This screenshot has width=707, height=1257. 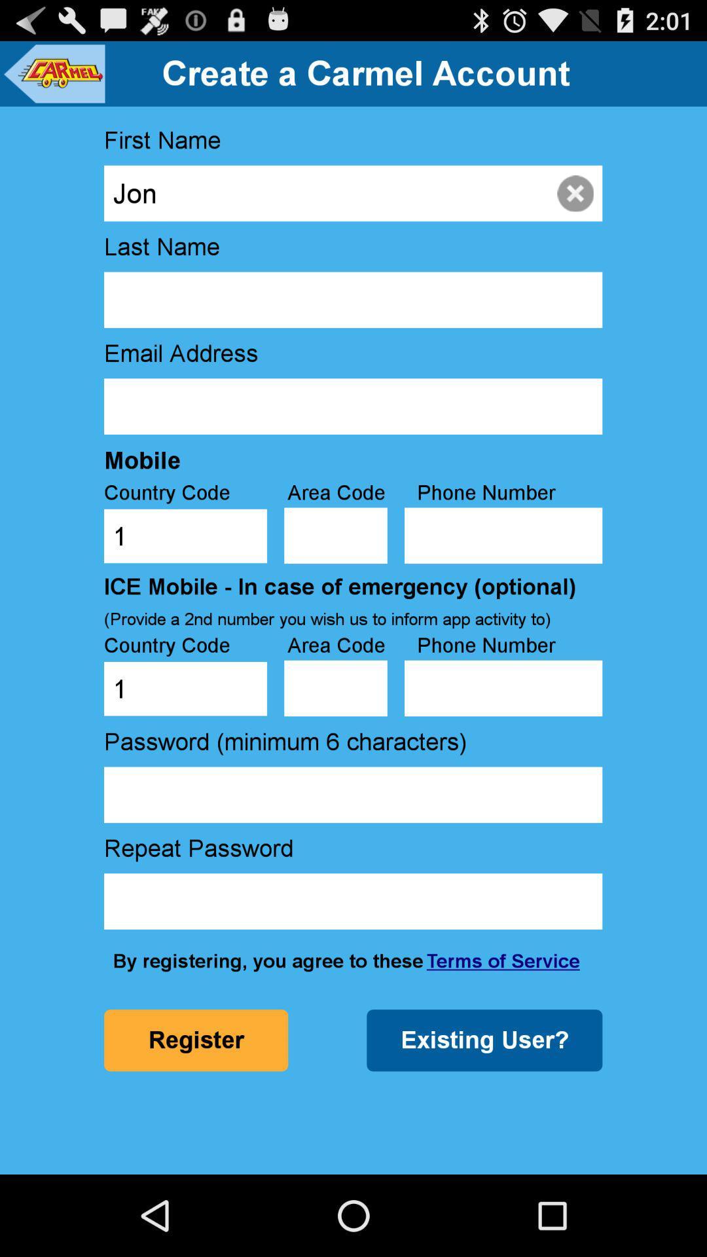 What do you see at coordinates (52, 73) in the screenshot?
I see `icon above first name item` at bounding box center [52, 73].